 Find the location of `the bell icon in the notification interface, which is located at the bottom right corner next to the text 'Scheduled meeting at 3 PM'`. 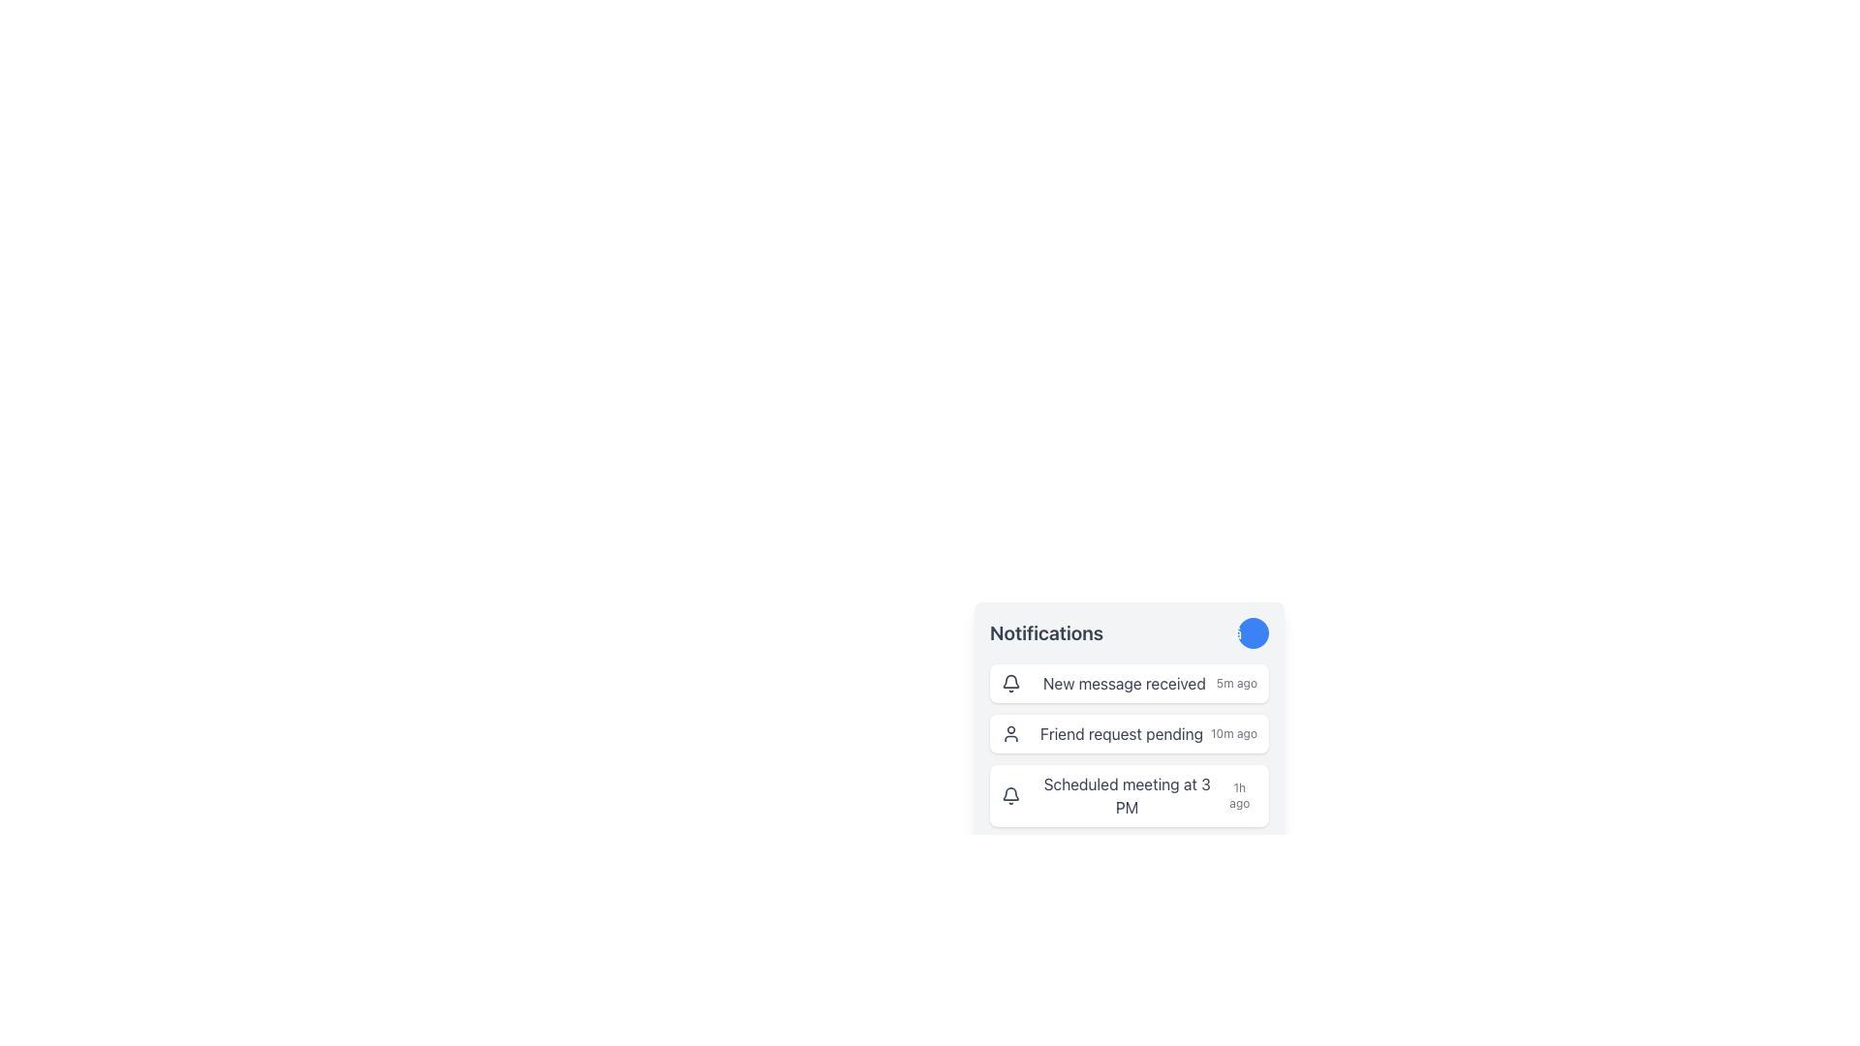

the bell icon in the notification interface, which is located at the bottom right corner next to the text 'Scheduled meeting at 3 PM' is located at coordinates (1009, 680).